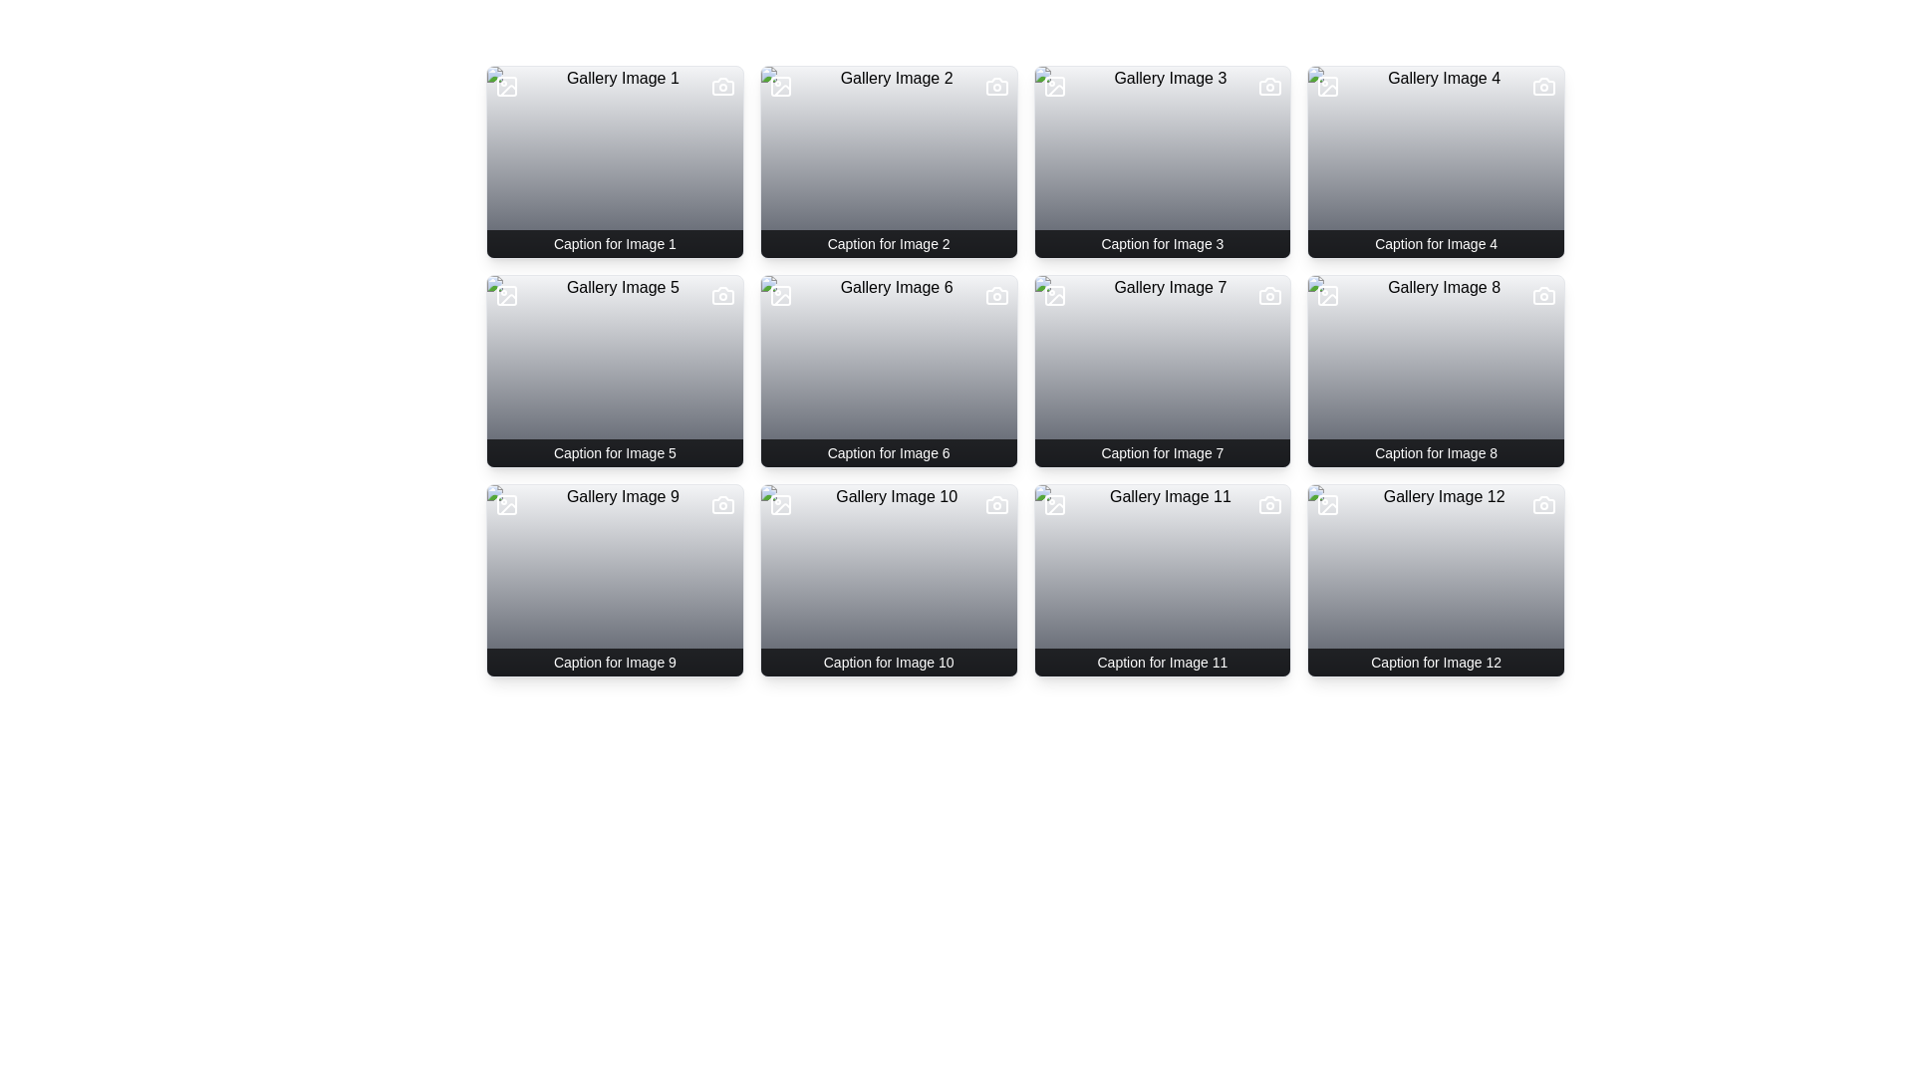 This screenshot has width=1913, height=1076. What do you see at coordinates (1436, 160) in the screenshot?
I see `the Decorative overlay that provides a semi-transparent gradient effect over the image in 'Gallery Image 4'` at bounding box center [1436, 160].